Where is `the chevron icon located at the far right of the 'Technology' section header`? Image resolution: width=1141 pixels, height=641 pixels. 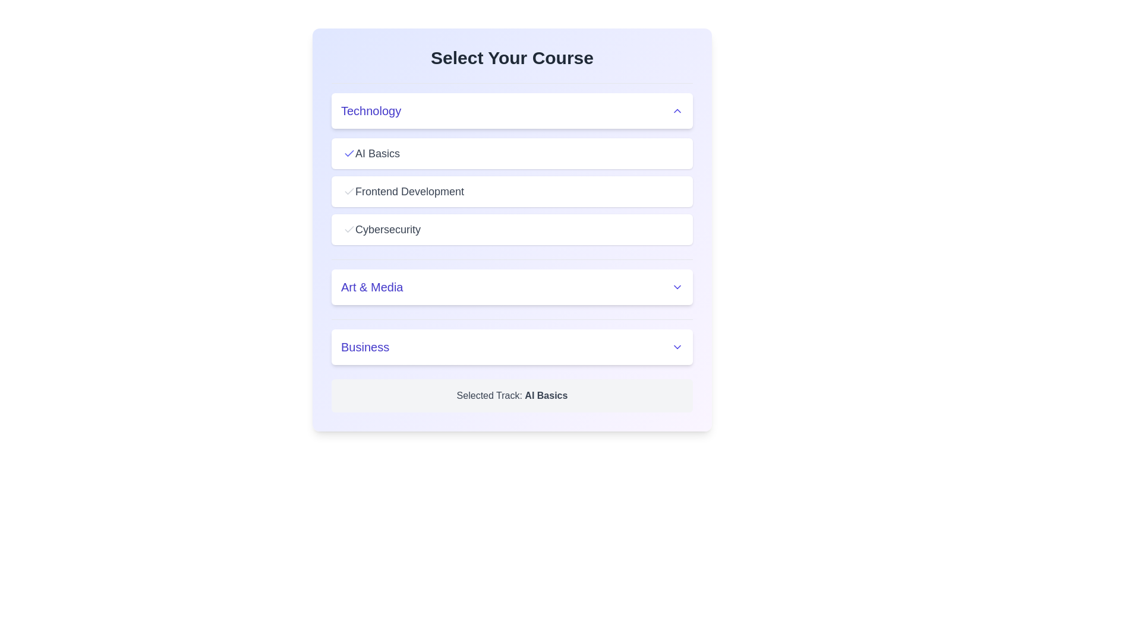
the chevron icon located at the far right of the 'Technology' section header is located at coordinates (677, 110).